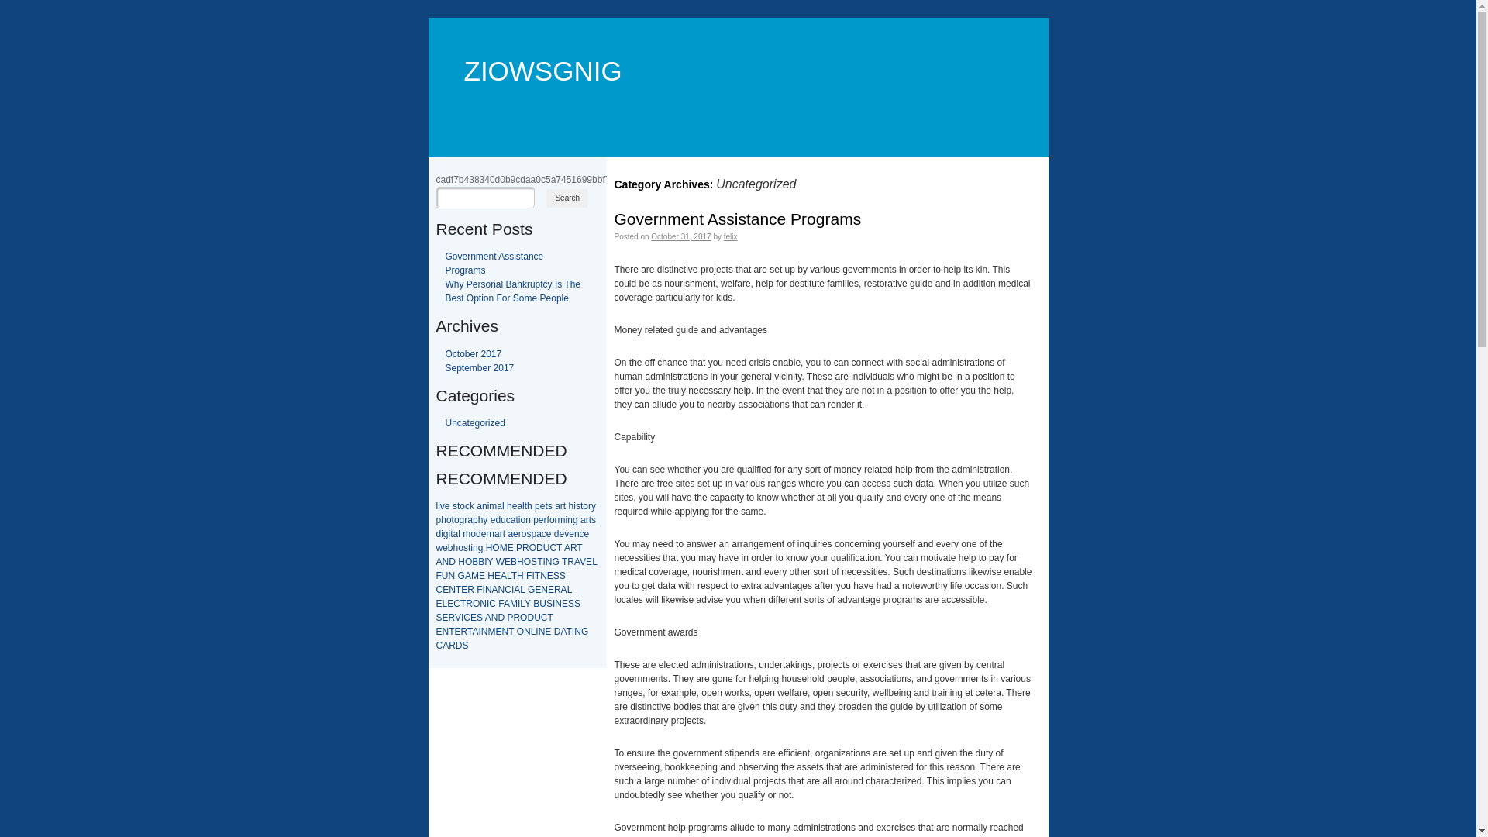 The width and height of the screenshot is (1488, 837). What do you see at coordinates (529, 576) in the screenshot?
I see `'F'` at bounding box center [529, 576].